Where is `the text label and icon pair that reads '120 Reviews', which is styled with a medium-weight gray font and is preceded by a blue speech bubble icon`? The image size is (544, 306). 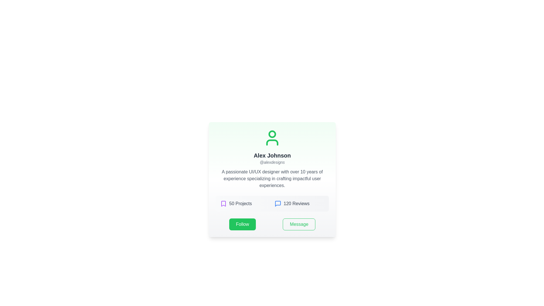
the text label and icon pair that reads '120 Reviews', which is styled with a medium-weight gray font and is preceded by a blue speech bubble icon is located at coordinates (299, 203).